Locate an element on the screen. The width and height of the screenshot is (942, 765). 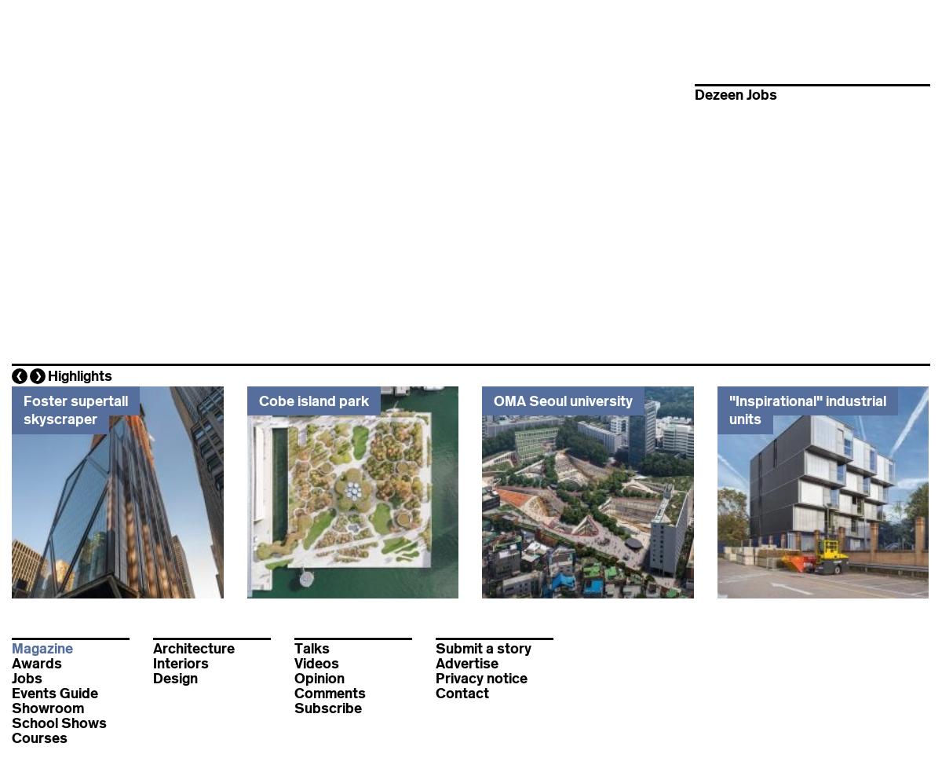
'Interiors' is located at coordinates (152, 664).